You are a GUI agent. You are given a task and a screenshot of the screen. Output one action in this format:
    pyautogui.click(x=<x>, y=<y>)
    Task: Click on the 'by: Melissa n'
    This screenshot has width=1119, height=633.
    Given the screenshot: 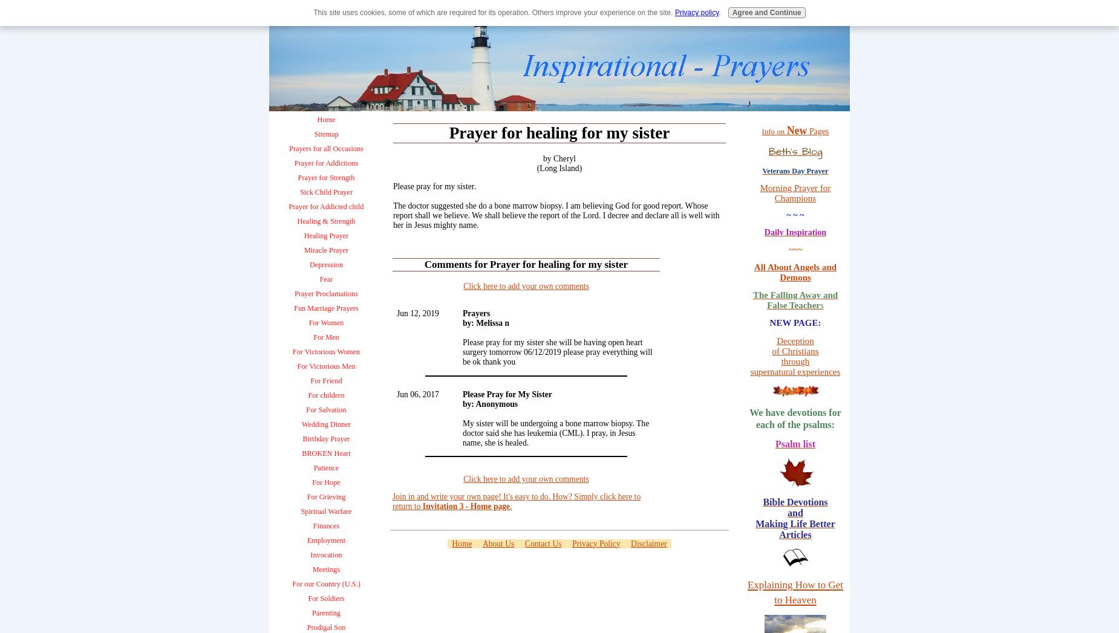 What is the action you would take?
    pyautogui.click(x=486, y=323)
    